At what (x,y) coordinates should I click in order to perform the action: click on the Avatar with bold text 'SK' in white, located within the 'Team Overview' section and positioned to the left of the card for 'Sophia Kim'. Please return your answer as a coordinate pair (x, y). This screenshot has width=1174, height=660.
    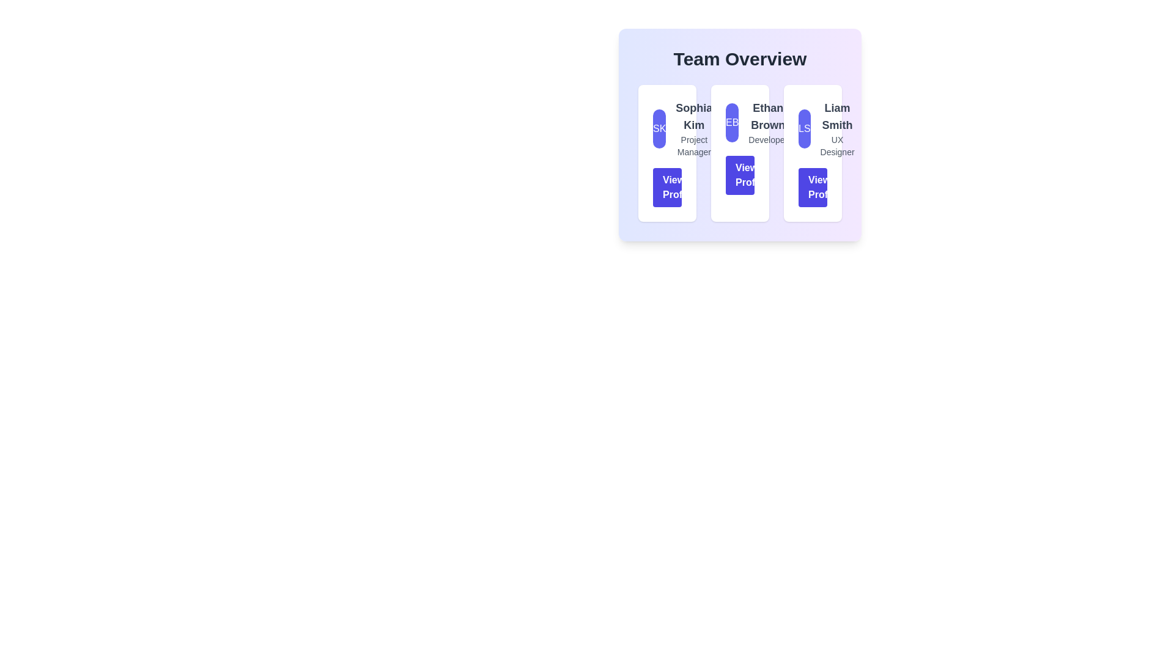
    Looking at the image, I should click on (659, 129).